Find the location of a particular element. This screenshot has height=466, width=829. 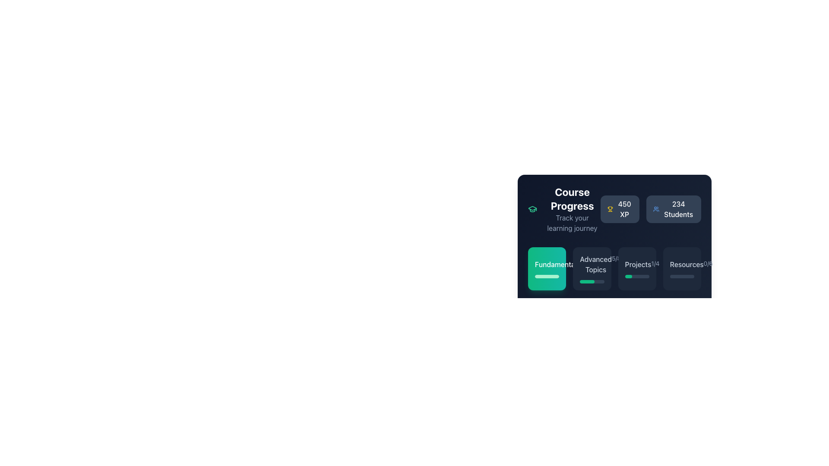

the text label indicating a perfect score of 5 out of 5, located to the immediate right of 'Fundamentals' in the 'Course Progress' section is located at coordinates (585, 263).